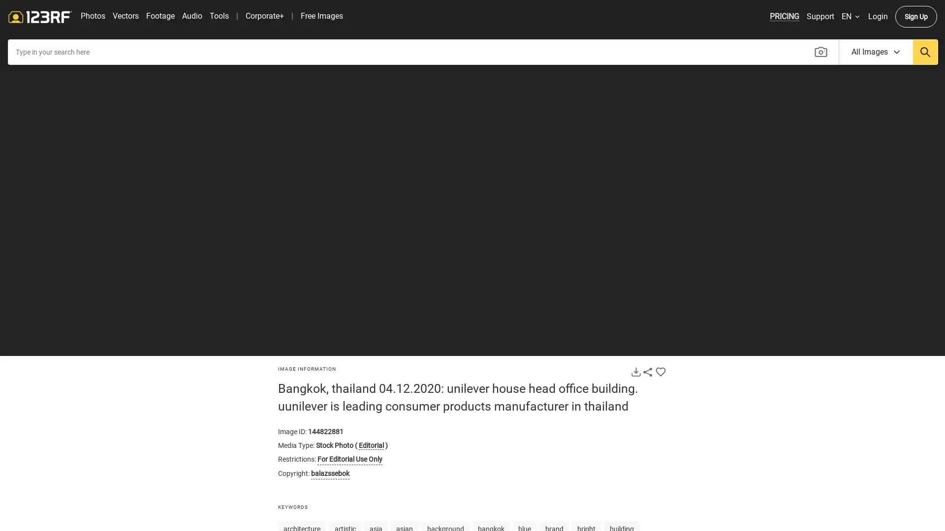 This screenshot has width=945, height=531. I want to click on TWITTER_POST Twitter post 1024 x 512 px, so click(836, 500).